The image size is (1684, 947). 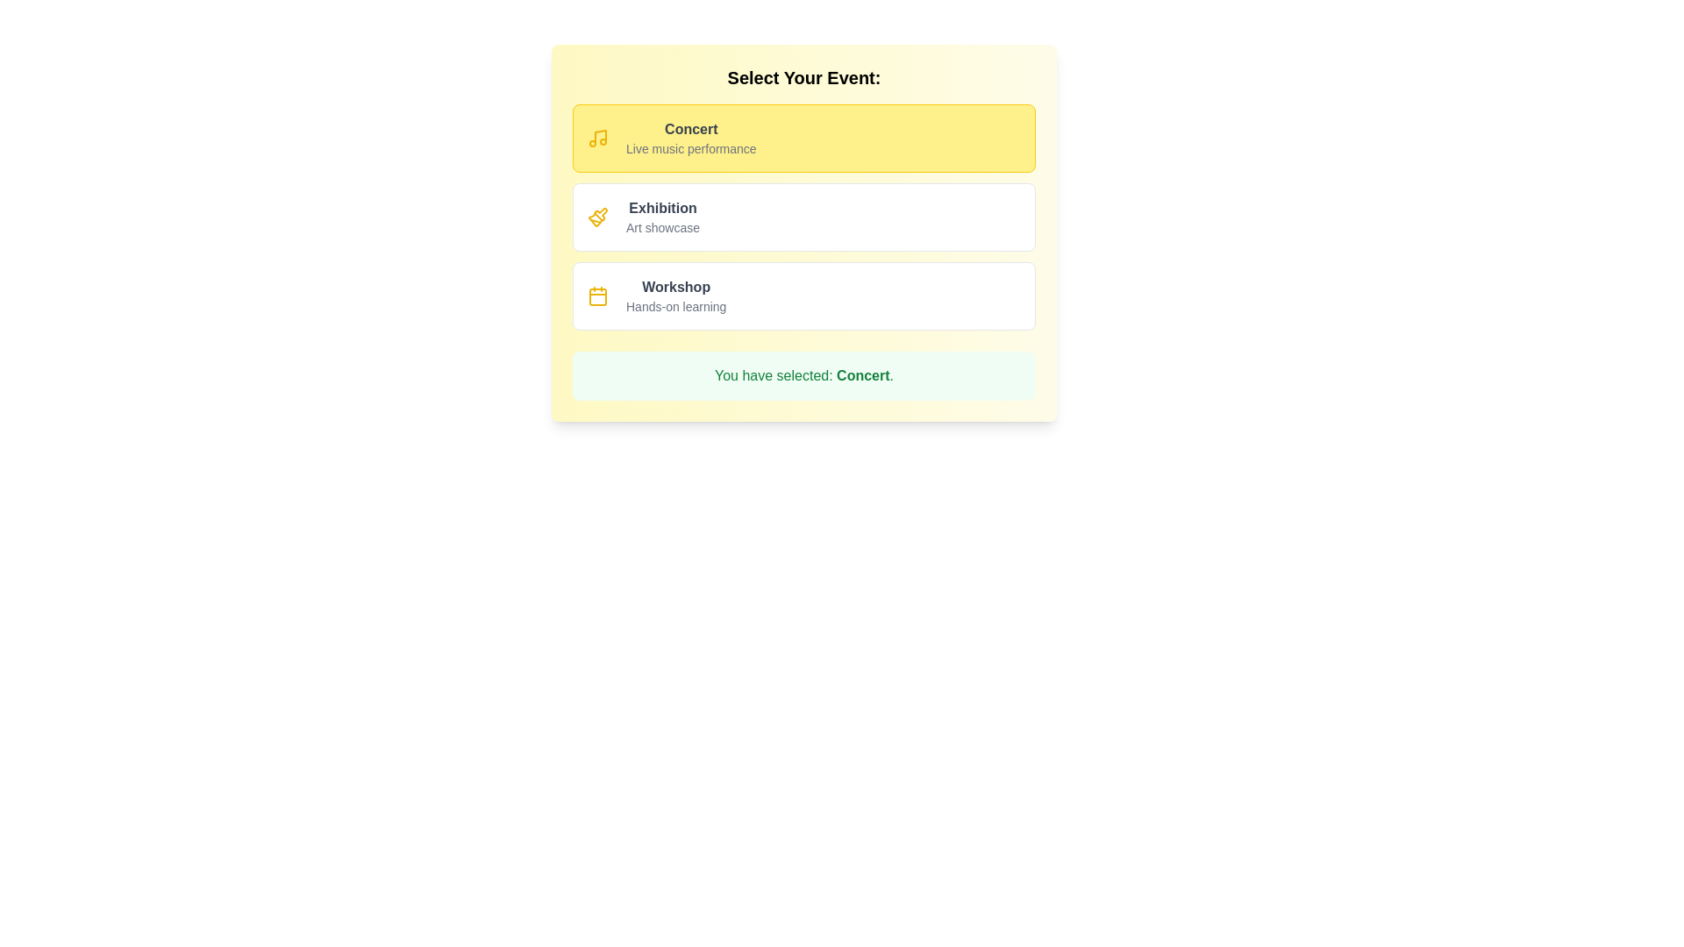 I want to click on the third item in the selectable list, so click(x=803, y=295).